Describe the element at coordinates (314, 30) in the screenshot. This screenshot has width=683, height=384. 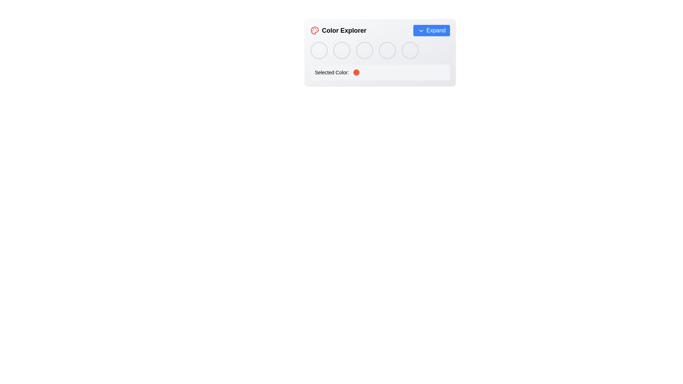
I see `the painter's palette icon that is positioned to the left of the 'Color Explorer' text label` at that location.